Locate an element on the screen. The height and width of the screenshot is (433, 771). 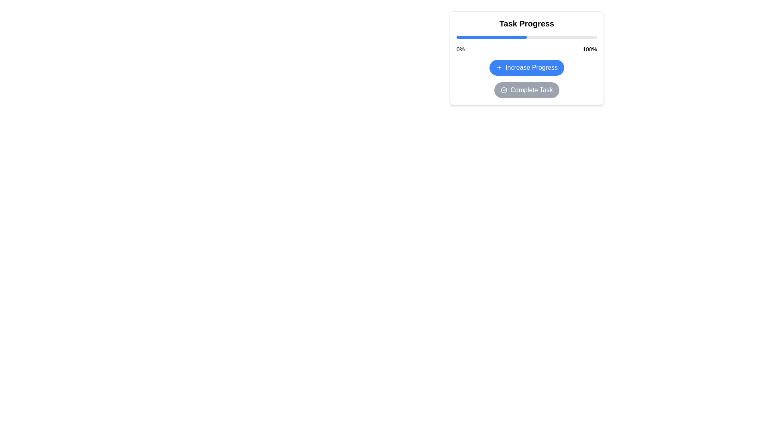
the 'Complete Task' button with gray background and white text located at the bottom of the 'Task Progress' card is located at coordinates (526, 90).